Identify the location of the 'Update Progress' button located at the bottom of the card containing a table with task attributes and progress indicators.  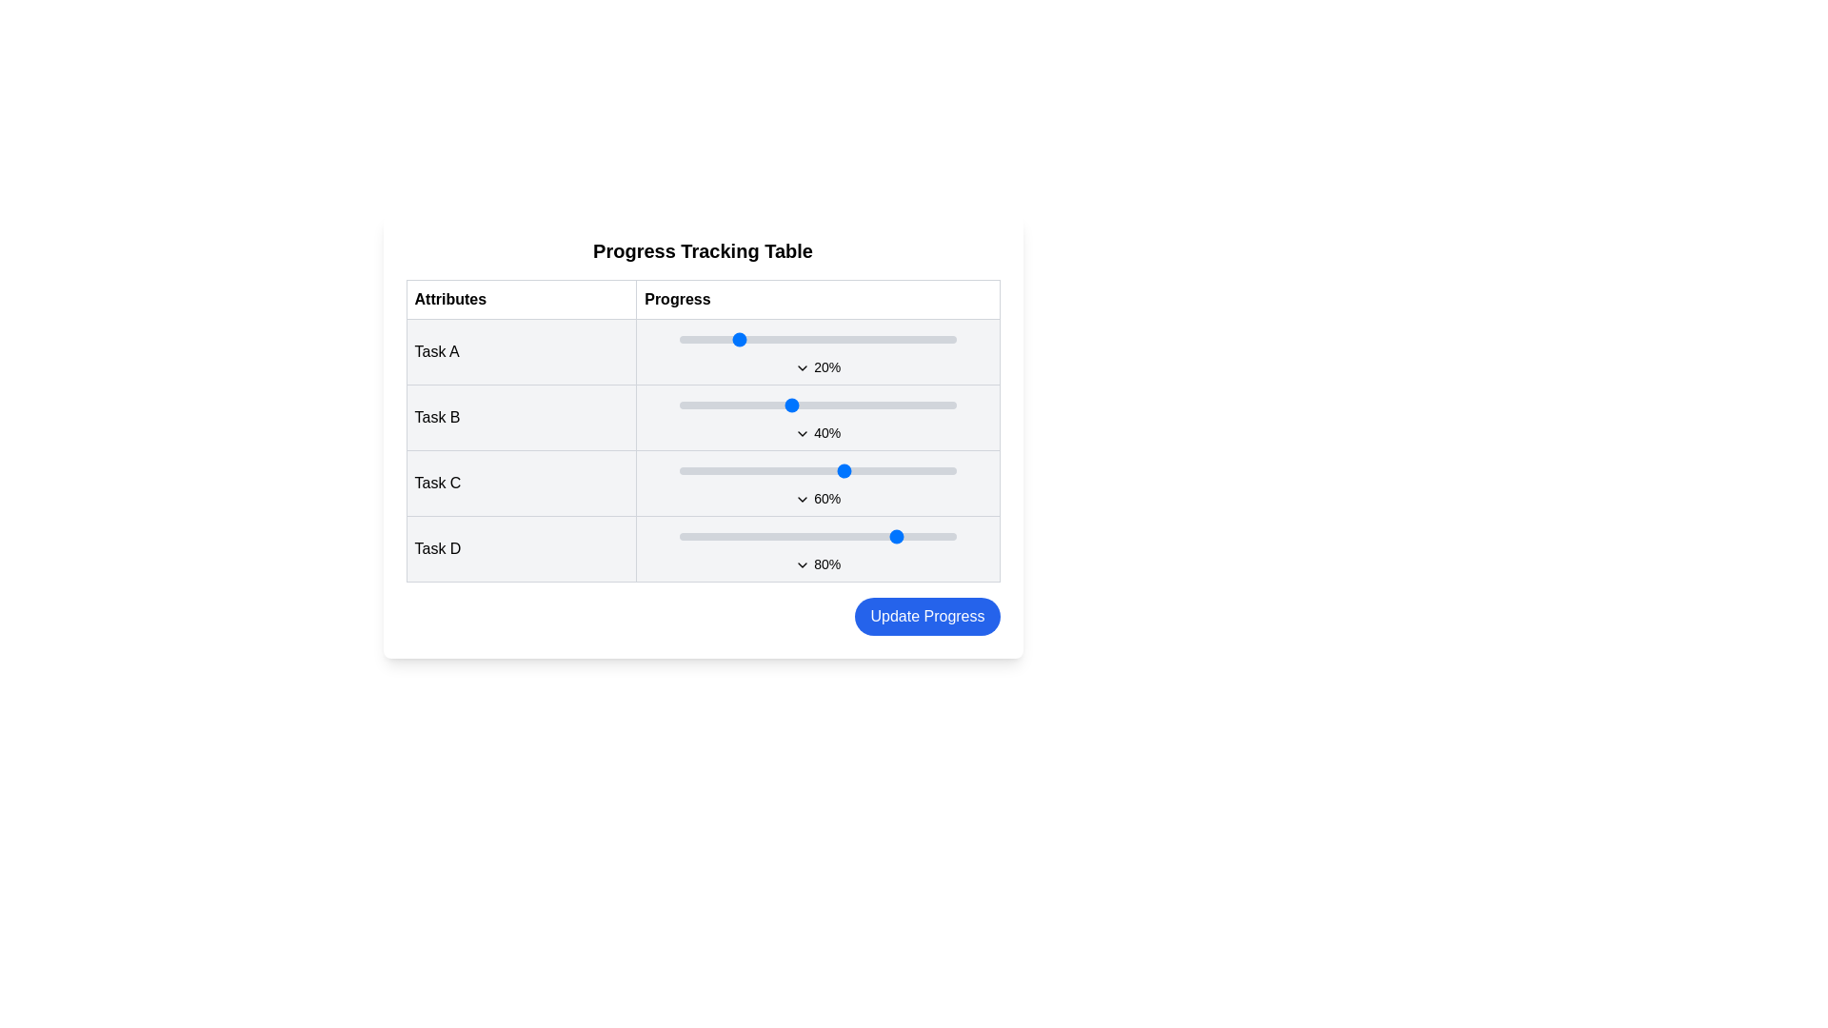
(702, 437).